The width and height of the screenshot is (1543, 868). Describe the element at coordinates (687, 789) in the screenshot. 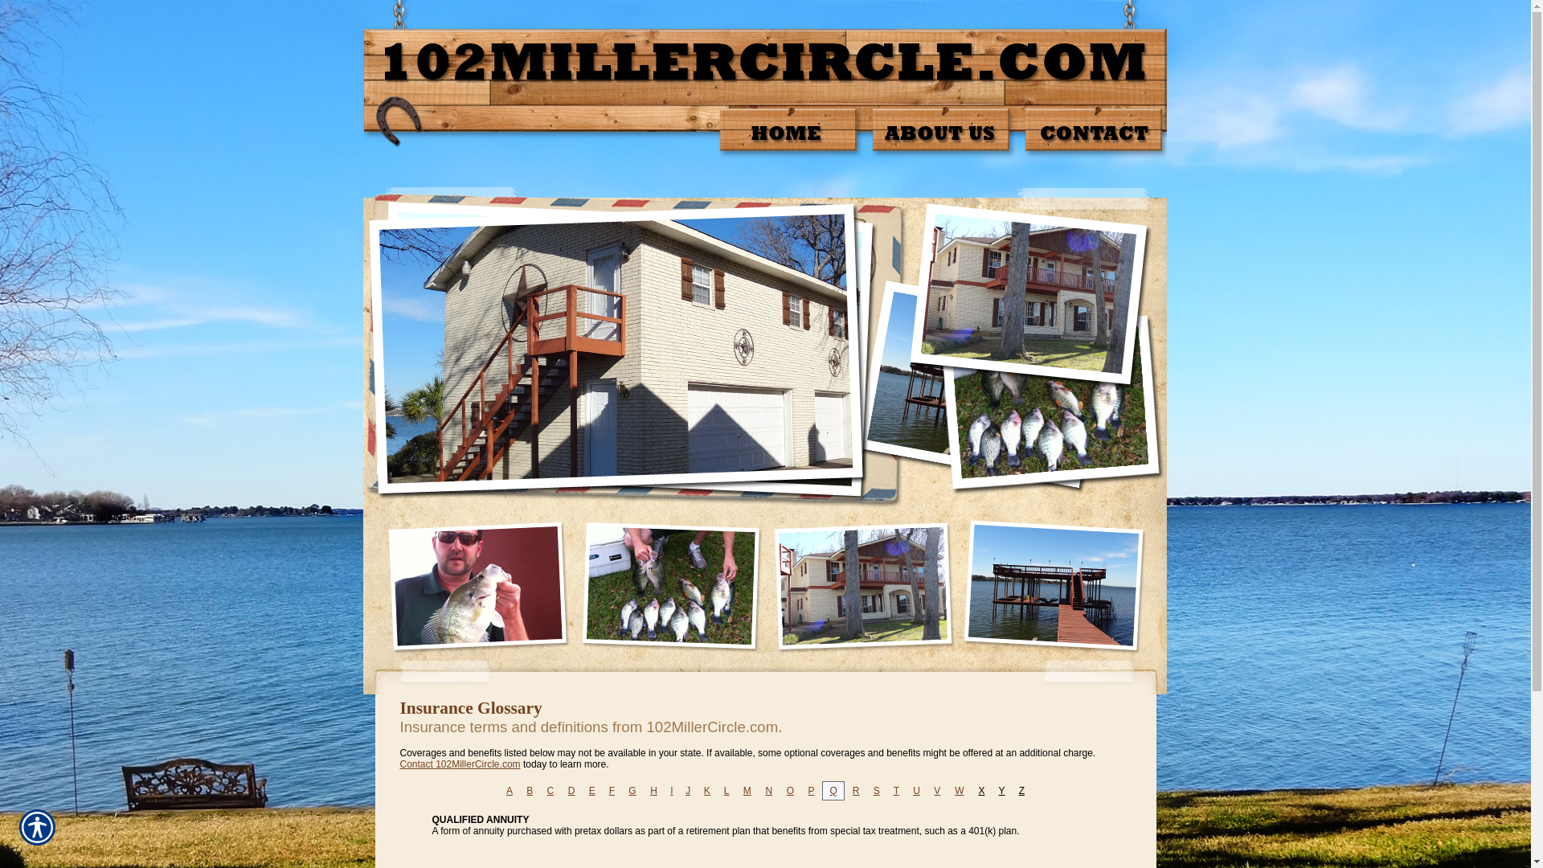

I see `'J'` at that location.